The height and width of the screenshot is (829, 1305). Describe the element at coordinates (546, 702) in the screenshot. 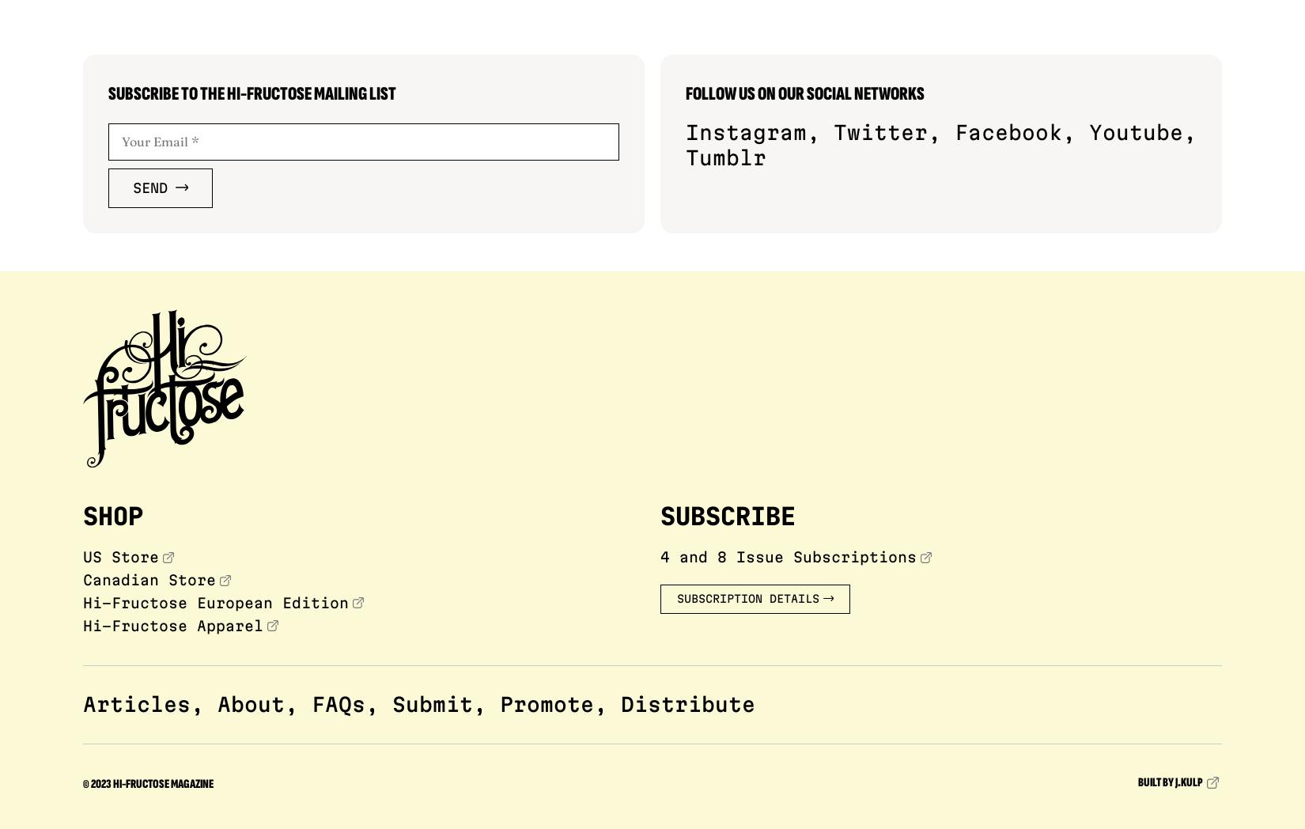

I see `'Promote'` at that location.